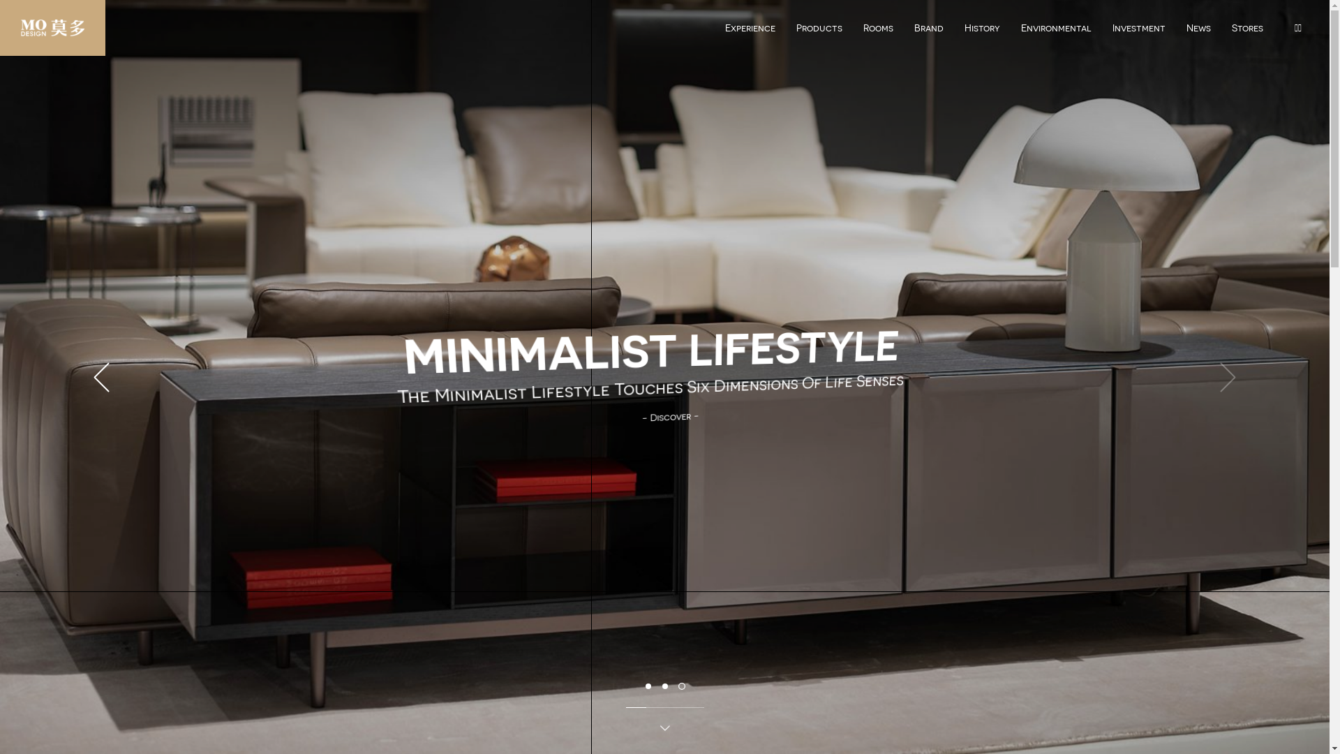 This screenshot has height=754, width=1340. Describe the element at coordinates (655, 387) in the screenshot. I see `'ITALIAN MINIMALISM` at that location.